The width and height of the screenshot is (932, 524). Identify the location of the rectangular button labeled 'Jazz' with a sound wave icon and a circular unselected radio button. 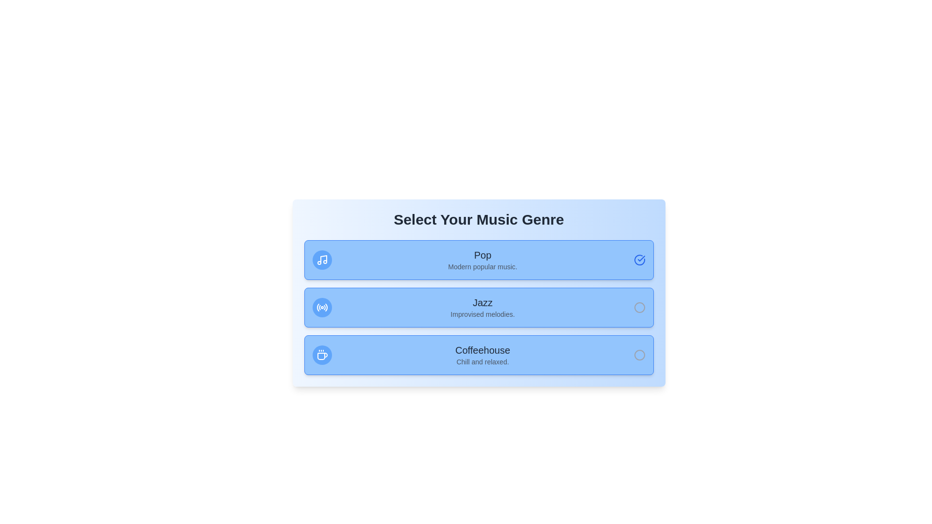
(479, 307).